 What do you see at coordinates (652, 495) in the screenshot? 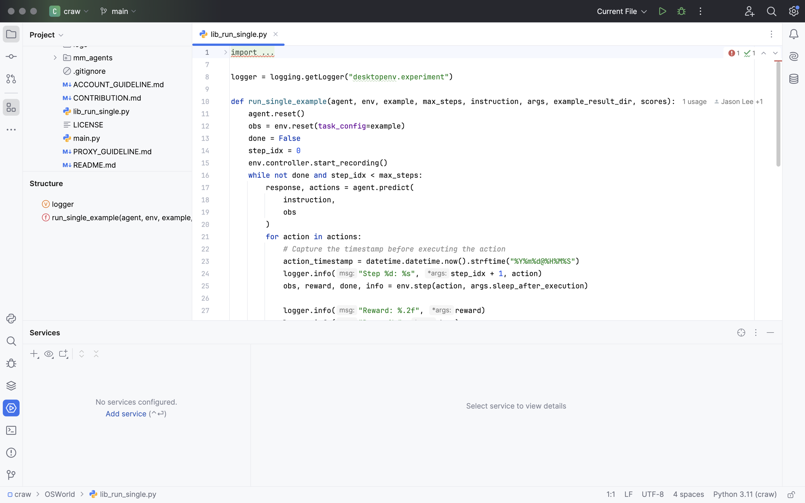
I see `'UTF-8'` at bounding box center [652, 495].